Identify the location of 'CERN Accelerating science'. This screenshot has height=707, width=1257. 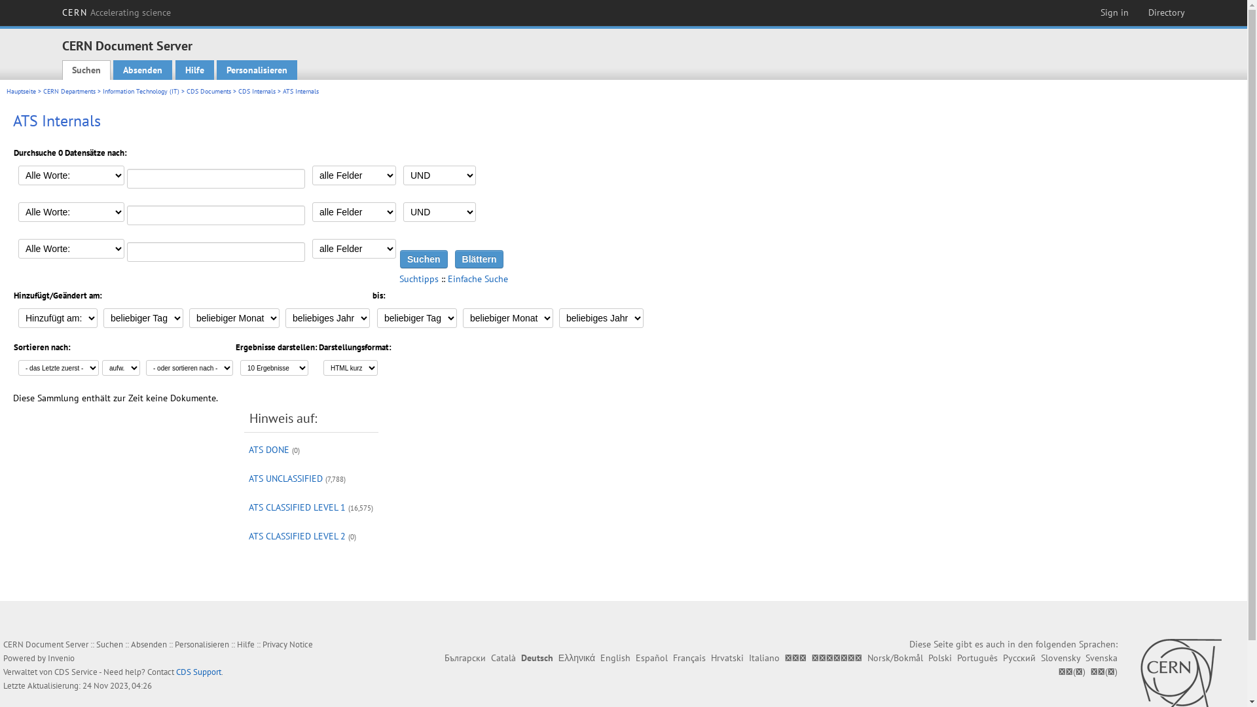
(116, 12).